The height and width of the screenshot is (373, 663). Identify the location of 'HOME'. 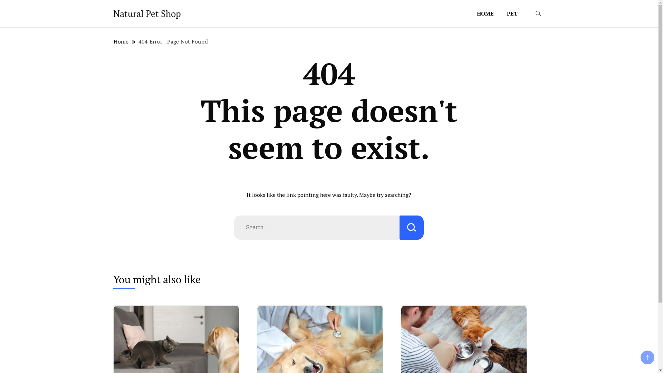
(470, 13).